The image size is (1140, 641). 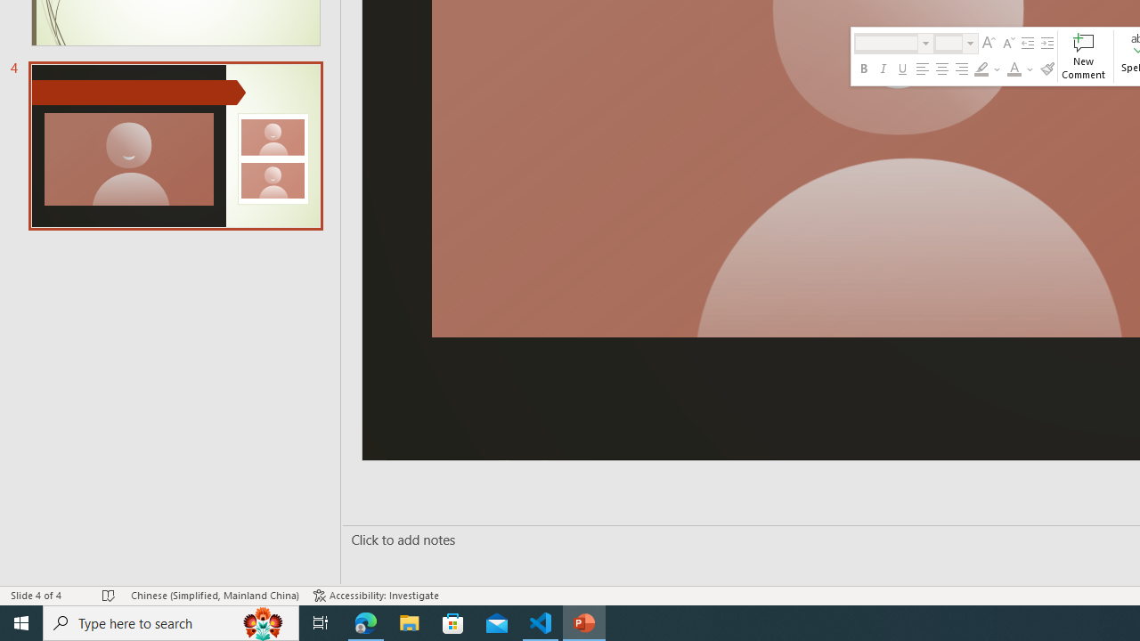 I want to click on 'More Options', so click(x=1030, y=69).